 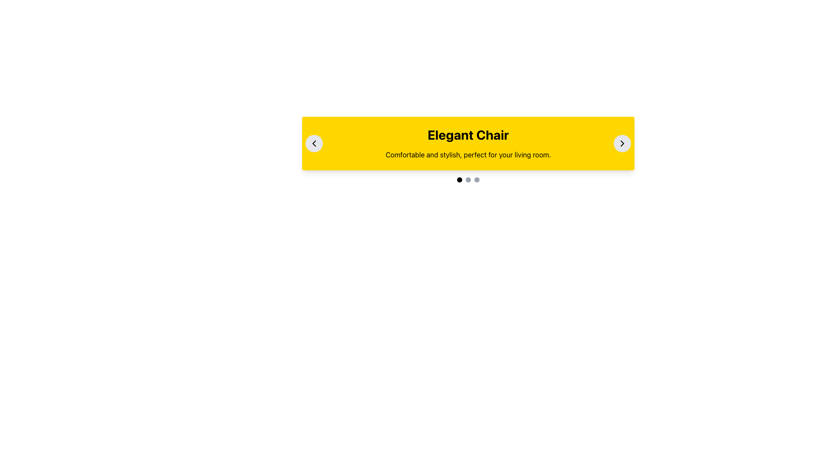 I want to click on the second circular dot of the Carousel indicator, which has a light gray background and is positioned between a black dot and a gray dot, so click(x=467, y=179).